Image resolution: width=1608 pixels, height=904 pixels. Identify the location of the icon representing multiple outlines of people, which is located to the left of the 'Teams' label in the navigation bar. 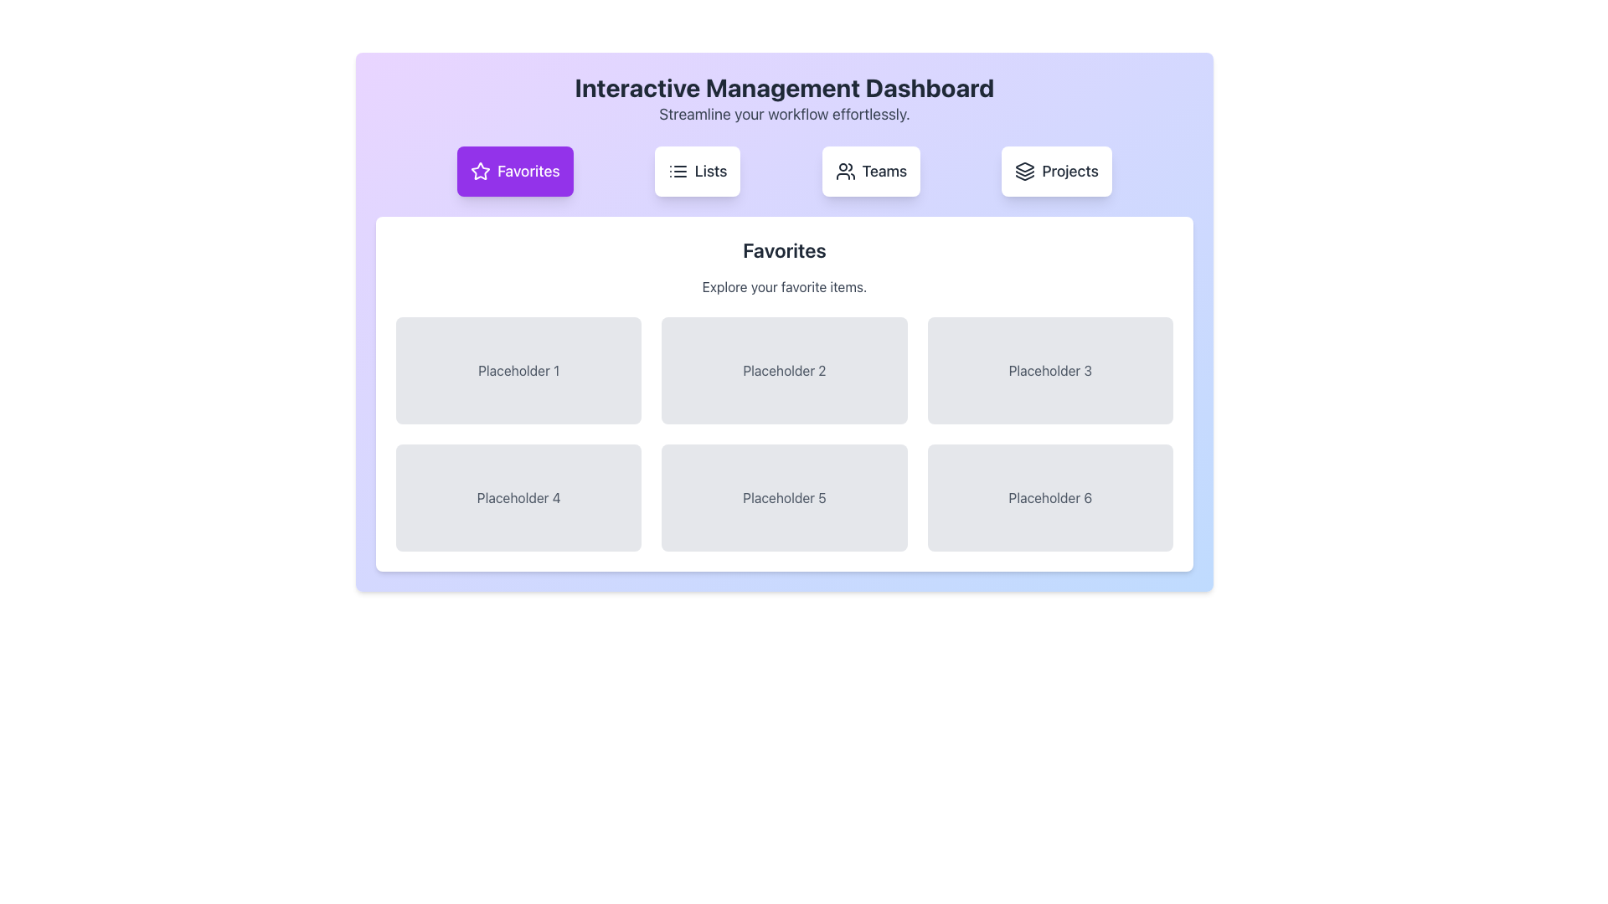
(845, 171).